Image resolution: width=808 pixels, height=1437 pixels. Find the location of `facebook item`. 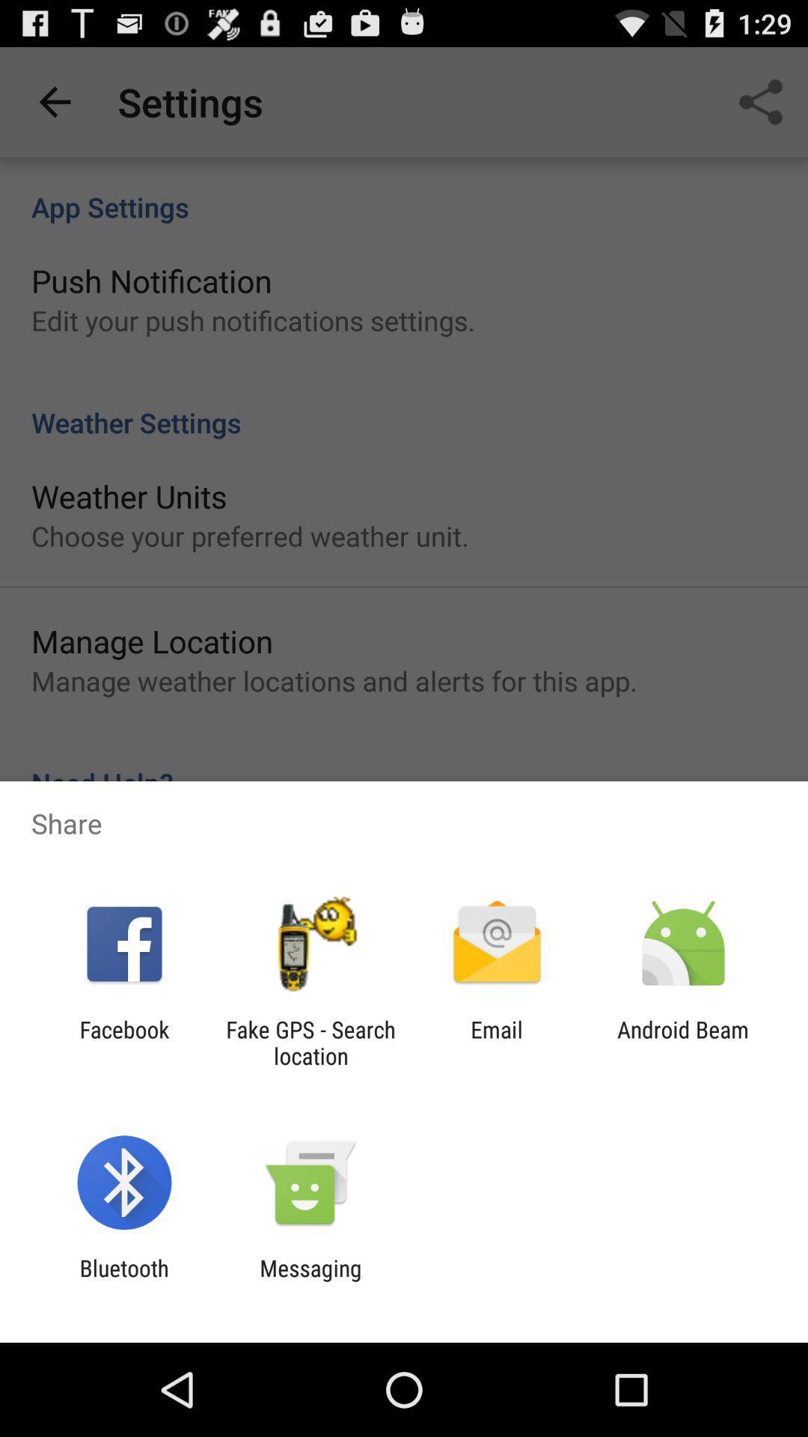

facebook item is located at coordinates (123, 1042).